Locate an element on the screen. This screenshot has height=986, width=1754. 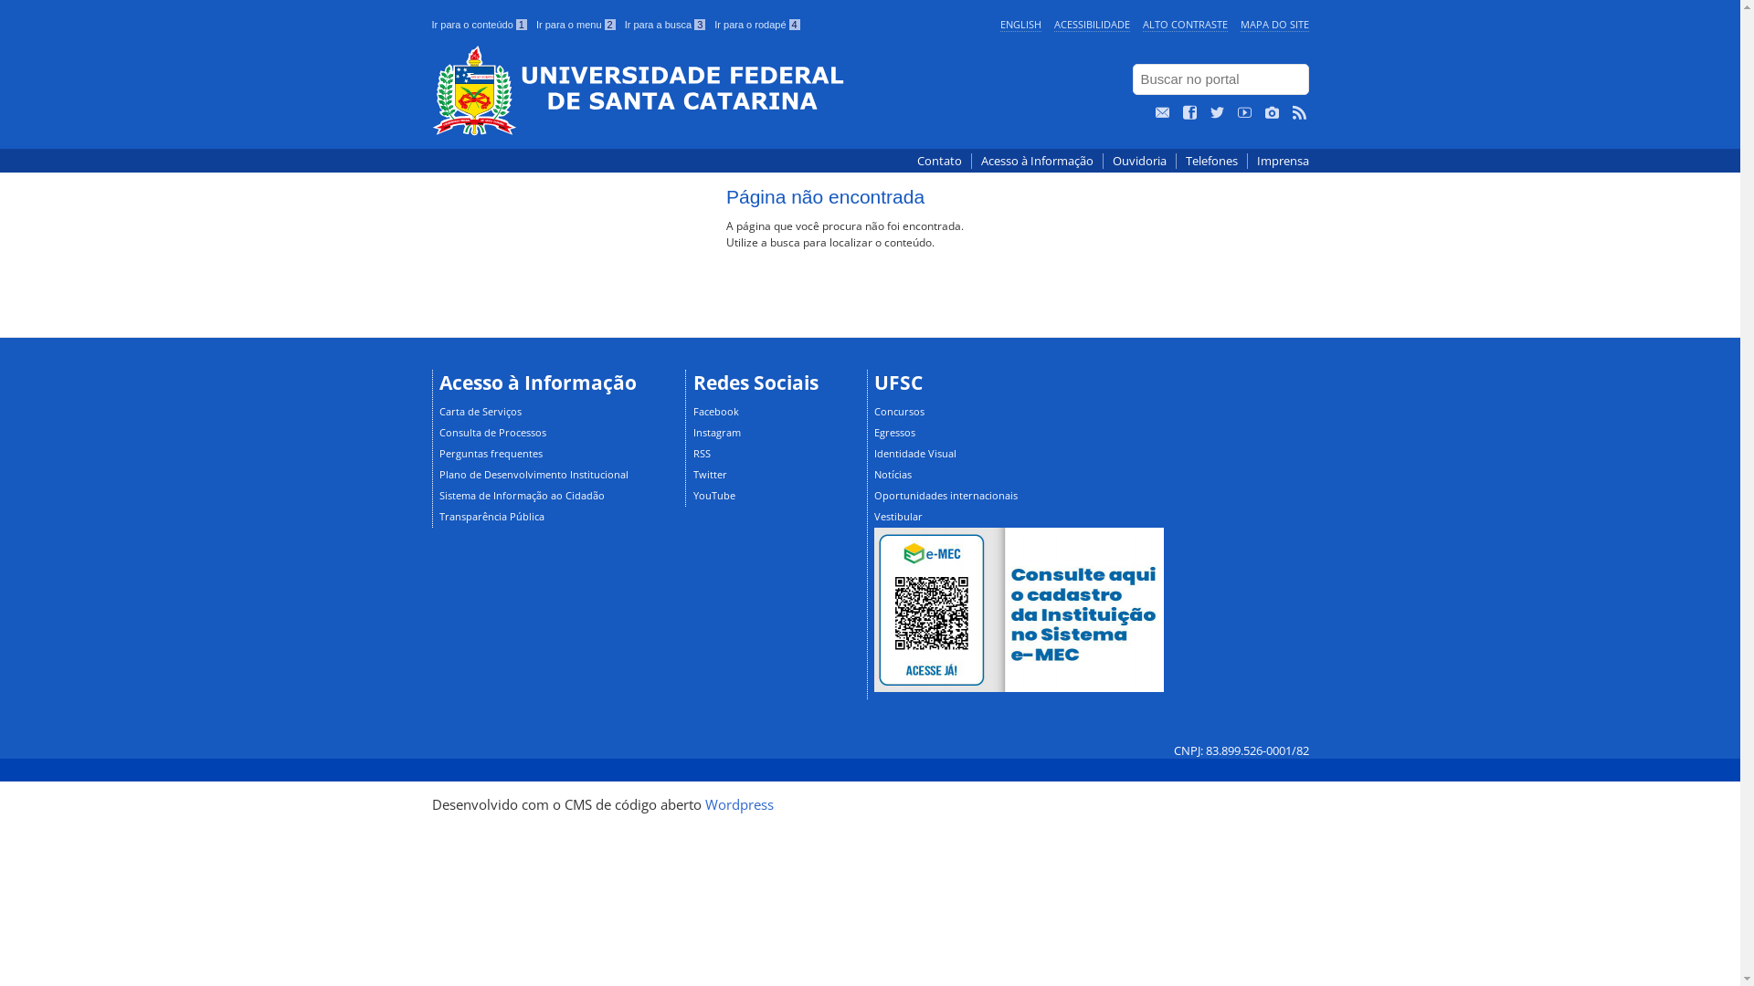
'Vestibular' is located at coordinates (898, 516).